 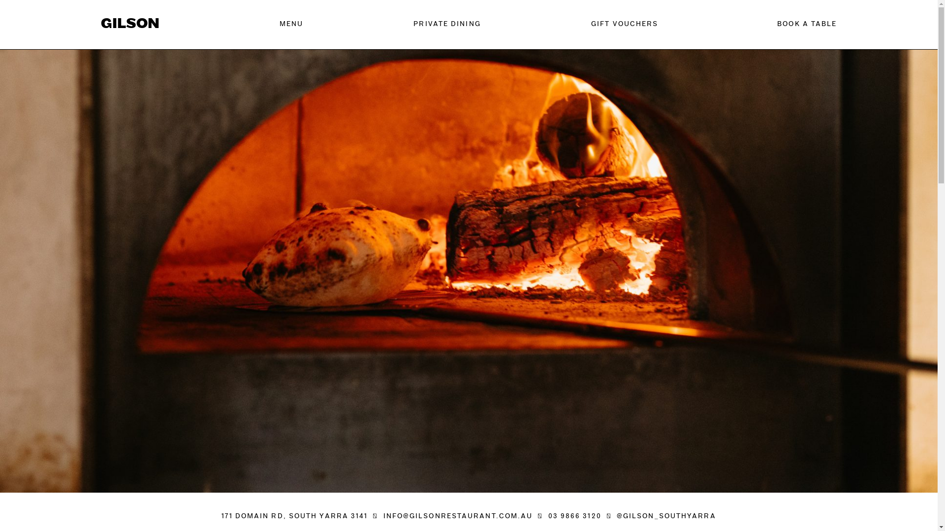 I want to click on 'INFO@GILSONRESTAURANT.COM.AU', so click(x=458, y=516).